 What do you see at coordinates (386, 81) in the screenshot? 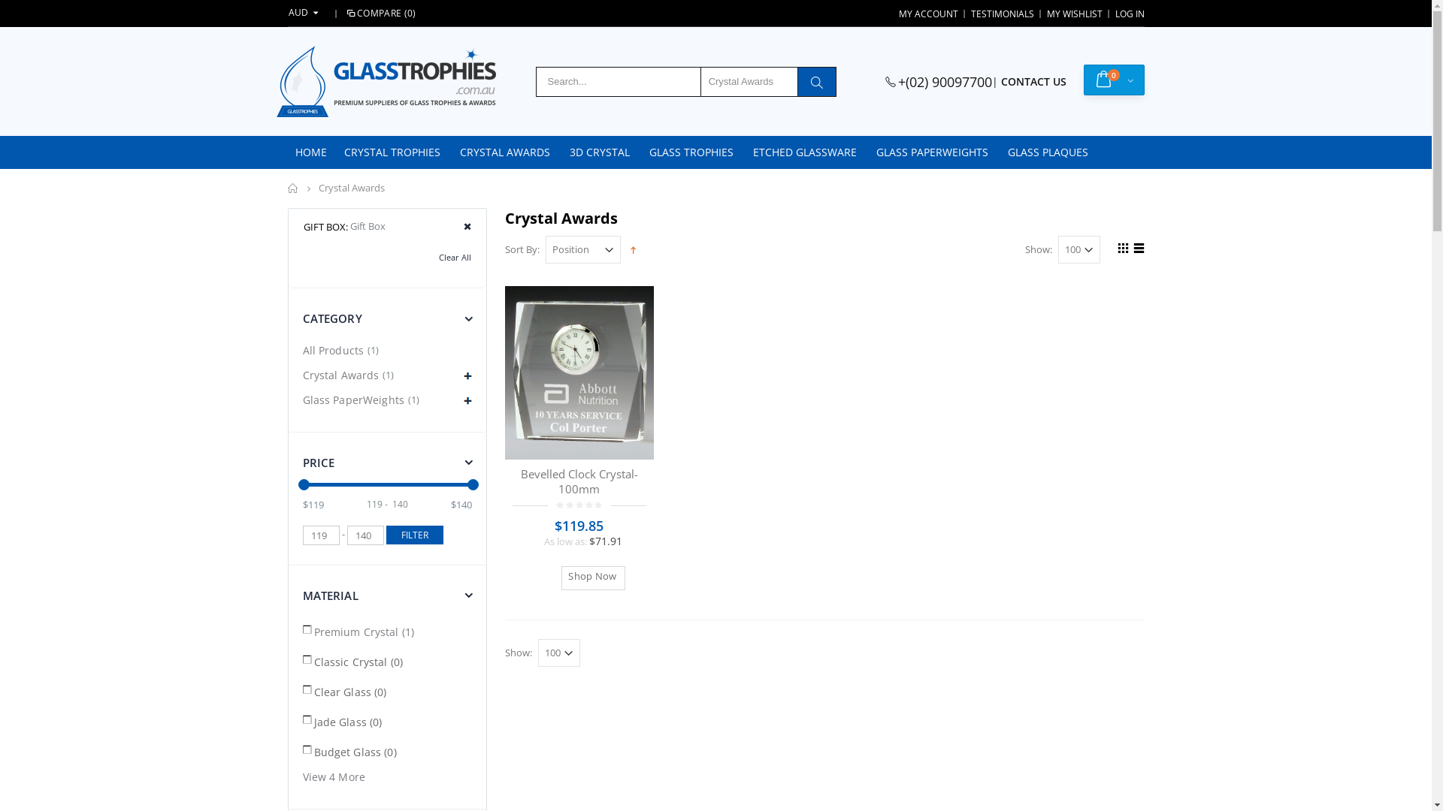
I see `'glasstrophies'` at bounding box center [386, 81].